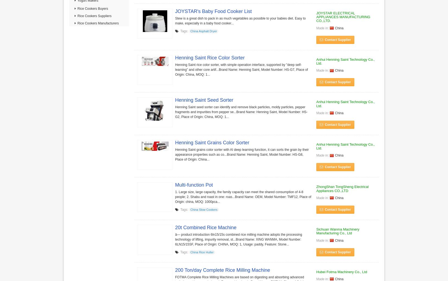 The image size is (448, 281). I want to click on 'Multi-function Pot', so click(194, 185).